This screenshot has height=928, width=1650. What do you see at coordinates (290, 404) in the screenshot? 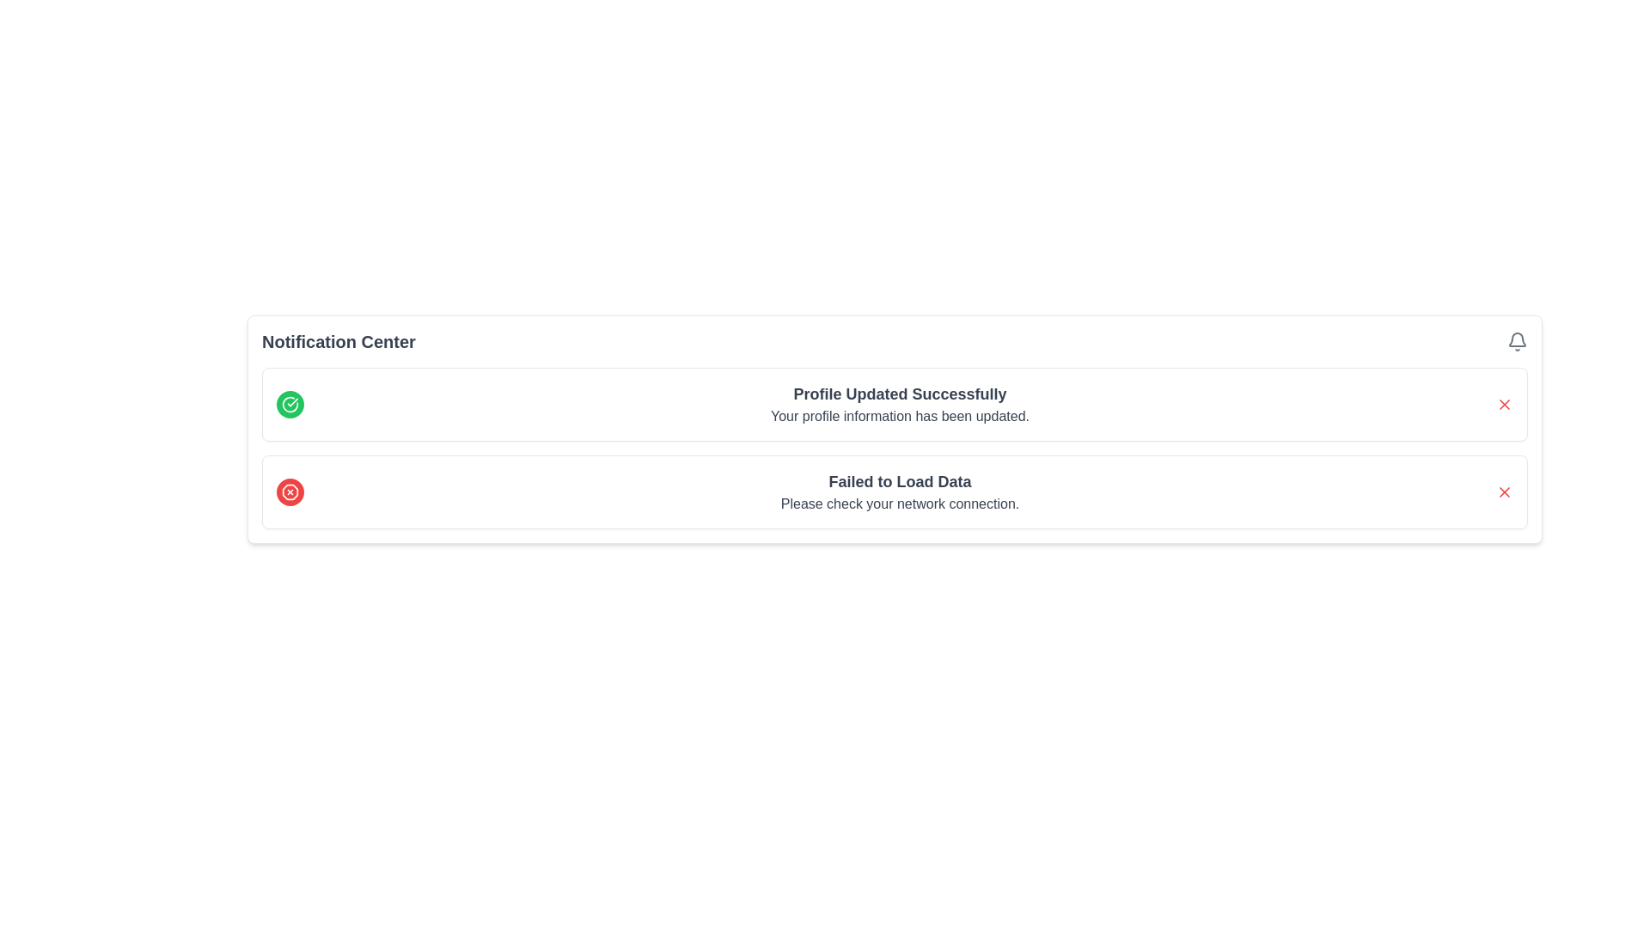
I see `the Status indicator icon that visually indicates the success status of the notification titled 'Profile Updated Successfully' in the notification center` at bounding box center [290, 404].